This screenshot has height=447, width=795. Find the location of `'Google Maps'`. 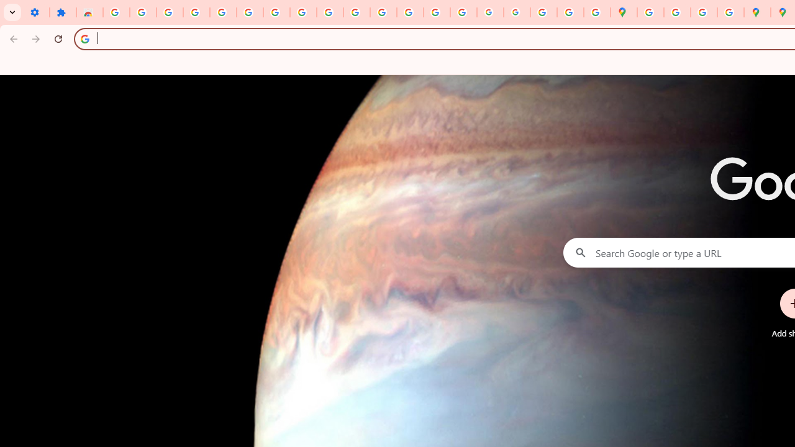

'Google Maps' is located at coordinates (624, 12).